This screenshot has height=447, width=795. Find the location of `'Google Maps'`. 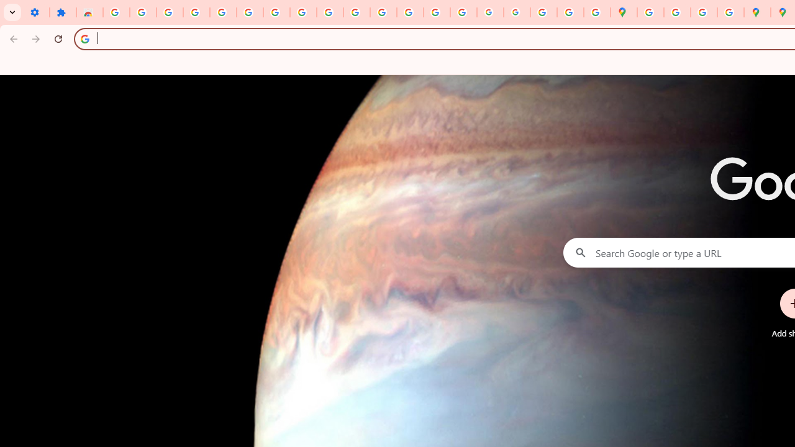

'Google Maps' is located at coordinates (624, 12).